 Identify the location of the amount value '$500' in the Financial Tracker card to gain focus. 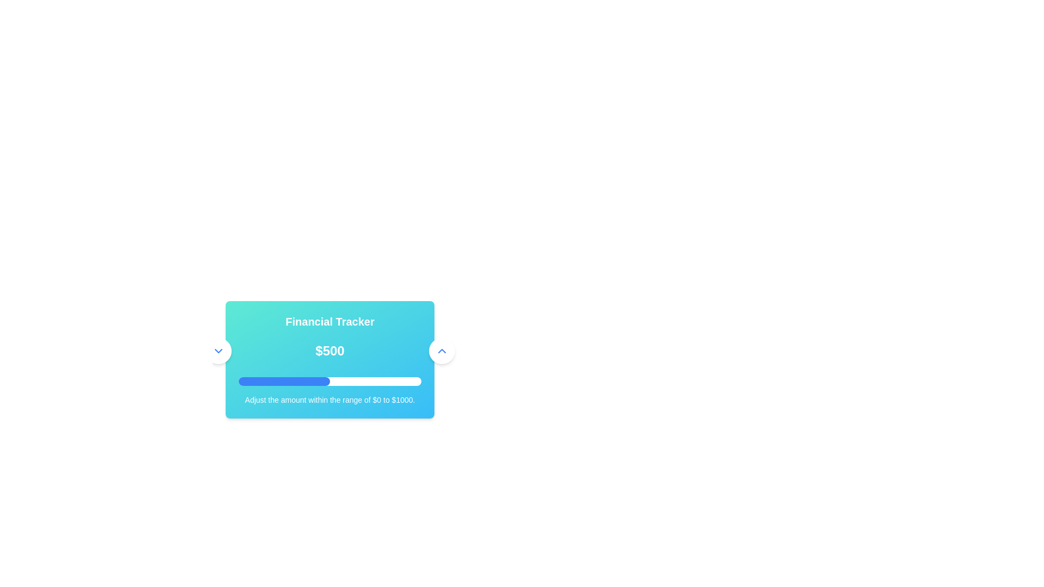
(329, 360).